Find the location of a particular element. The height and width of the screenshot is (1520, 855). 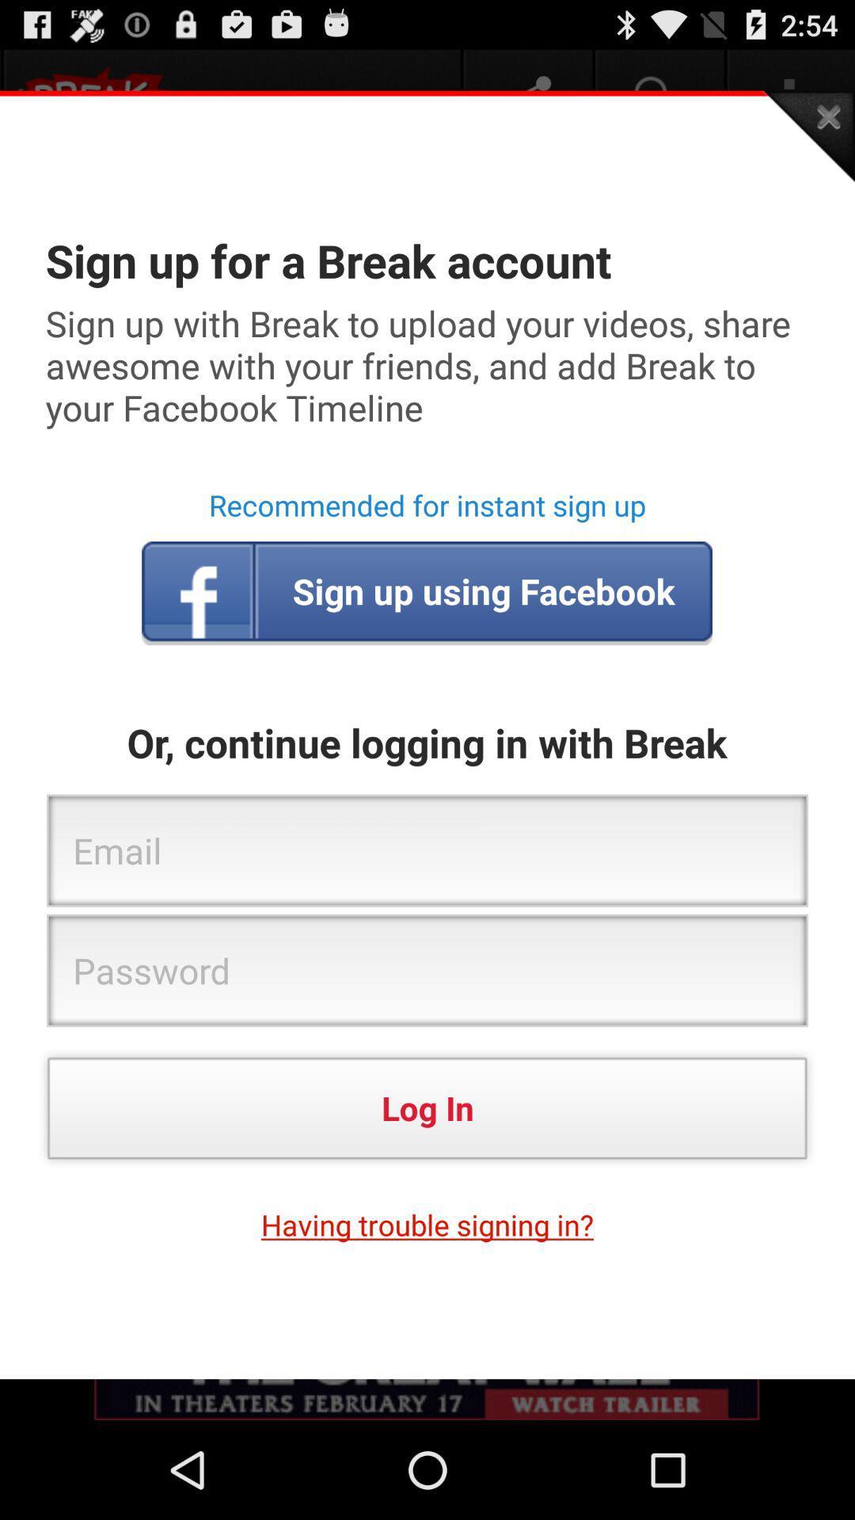

the having trouble signing app is located at coordinates (427, 1224).